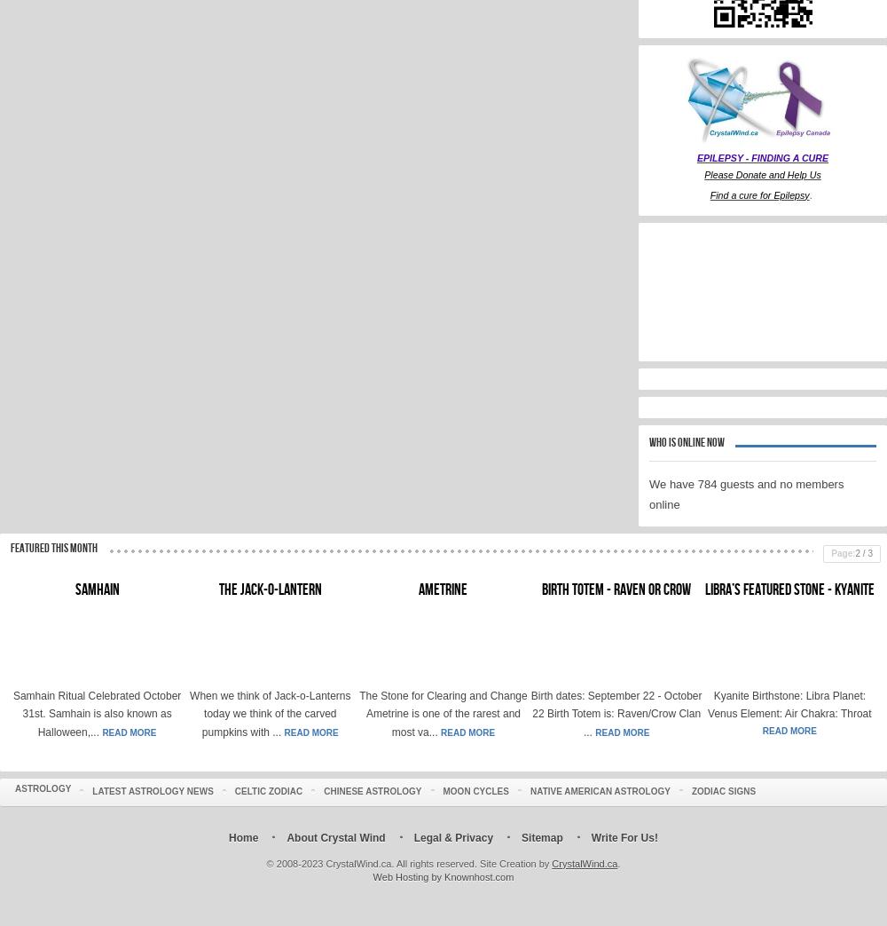  What do you see at coordinates (541, 835) in the screenshot?
I see `'Sitemap'` at bounding box center [541, 835].